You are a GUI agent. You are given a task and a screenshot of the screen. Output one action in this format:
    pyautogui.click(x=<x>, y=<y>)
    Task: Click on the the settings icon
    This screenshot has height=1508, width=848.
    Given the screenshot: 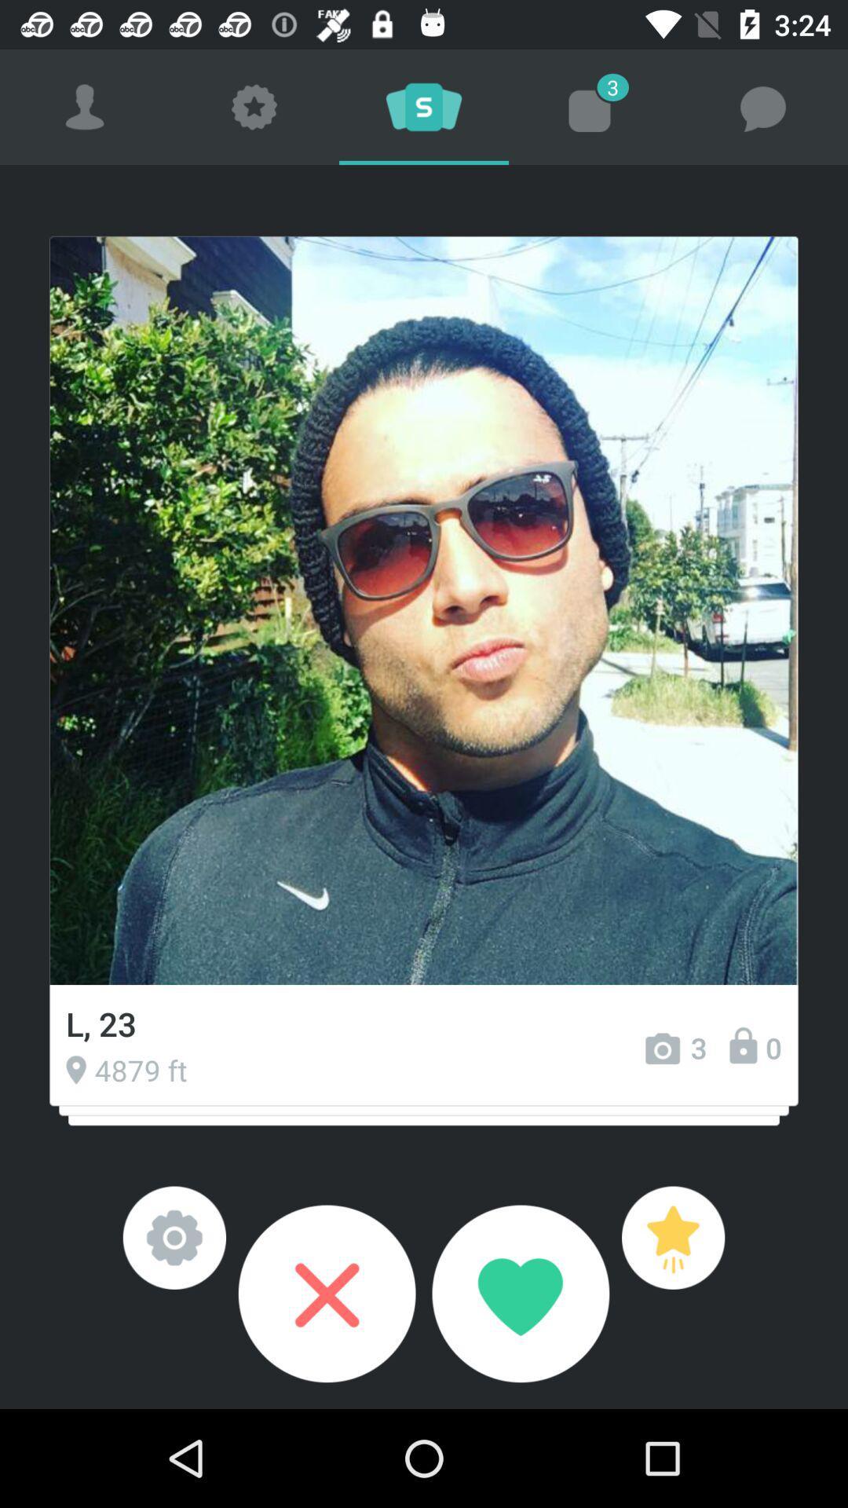 What is the action you would take?
    pyautogui.click(x=174, y=1237)
    